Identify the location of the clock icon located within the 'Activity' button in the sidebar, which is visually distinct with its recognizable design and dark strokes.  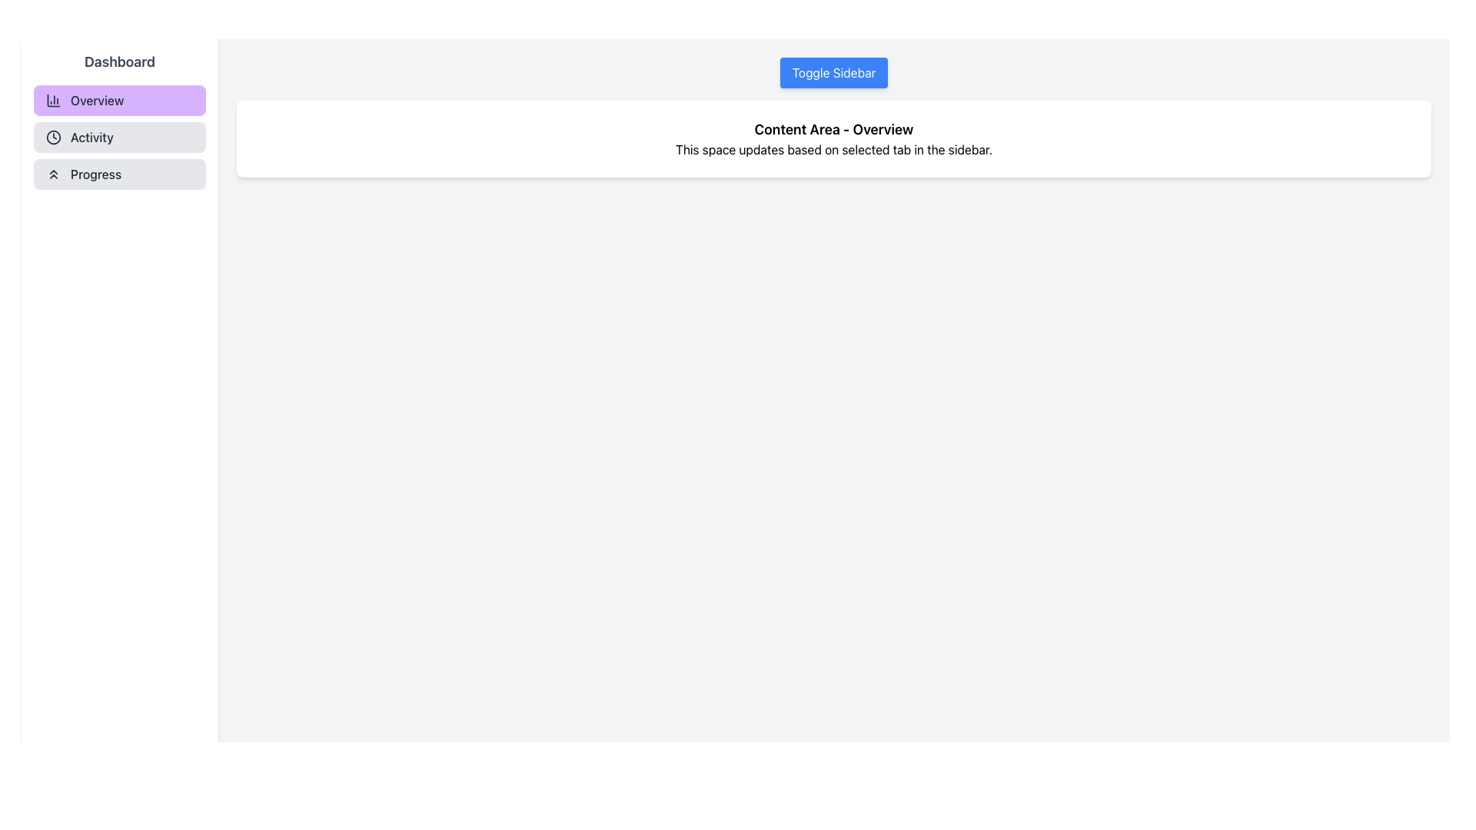
(54, 136).